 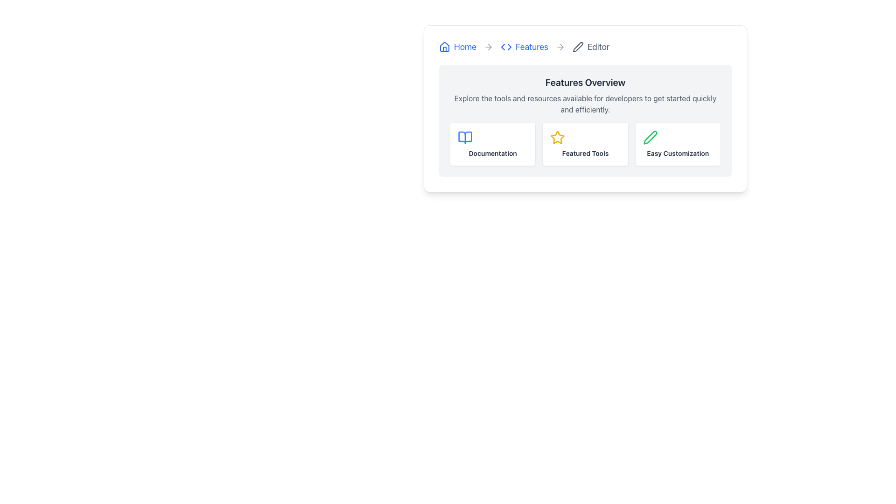 I want to click on the hyperlink with an icon and text label, so click(x=524, y=47).